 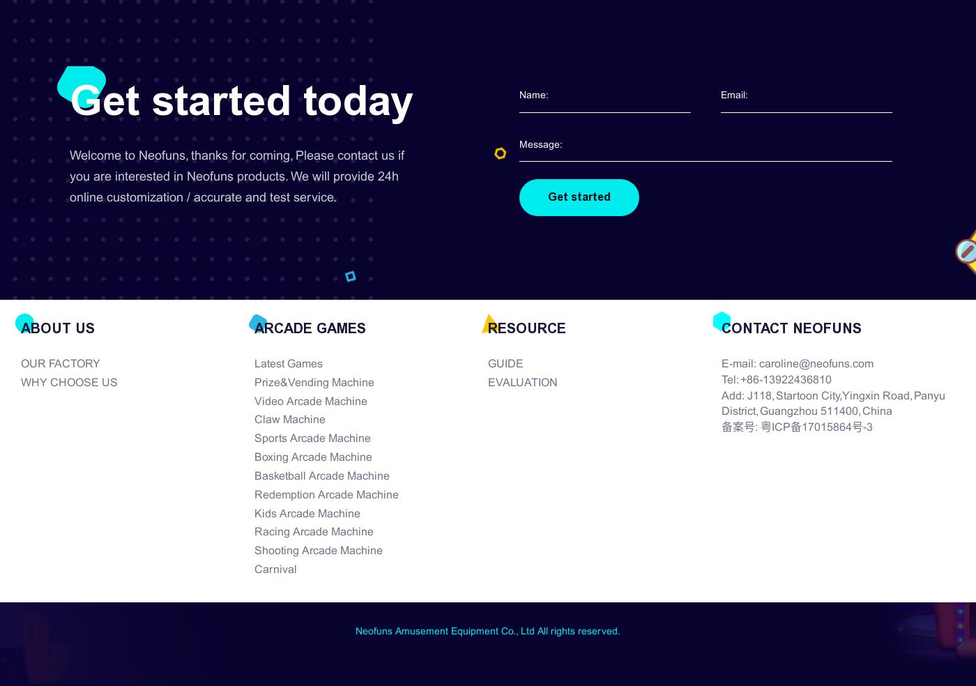 I want to click on 'Redemption Arcade Machine', so click(x=254, y=494).